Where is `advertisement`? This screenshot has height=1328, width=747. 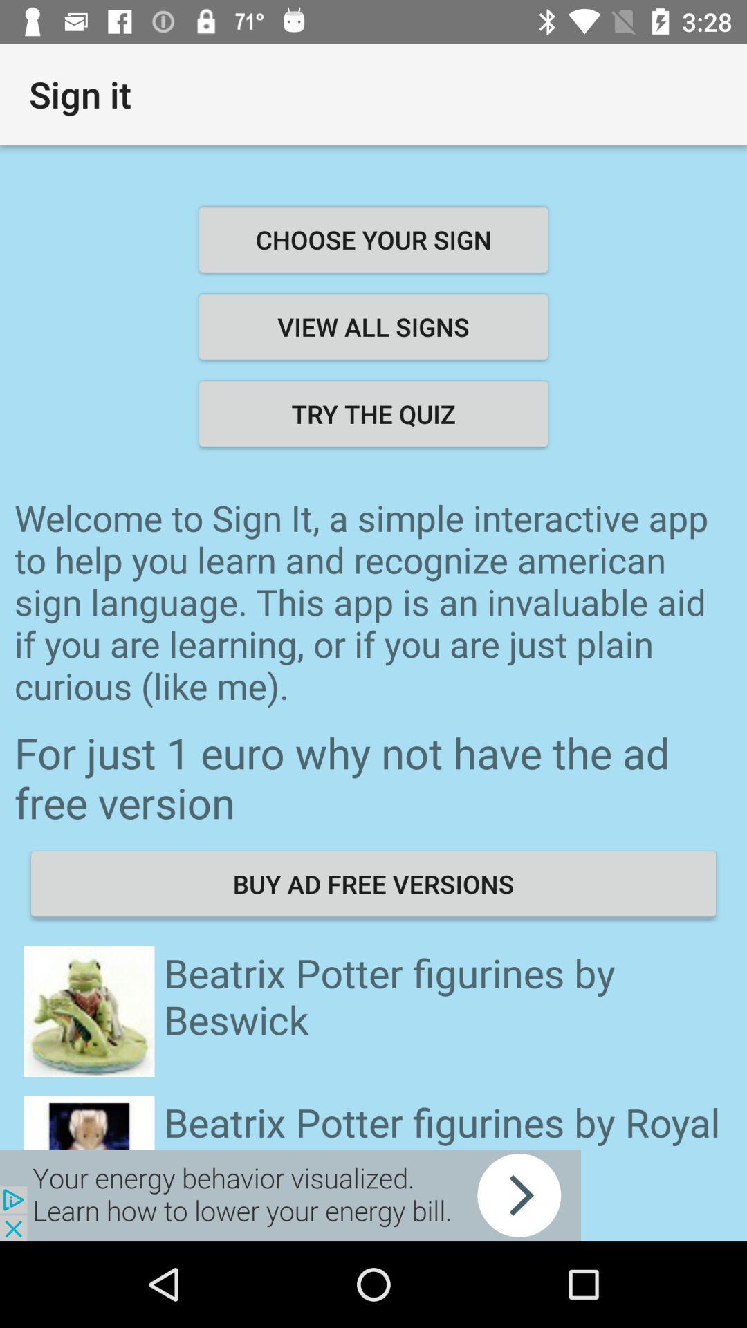
advertisement is located at coordinates (290, 1195).